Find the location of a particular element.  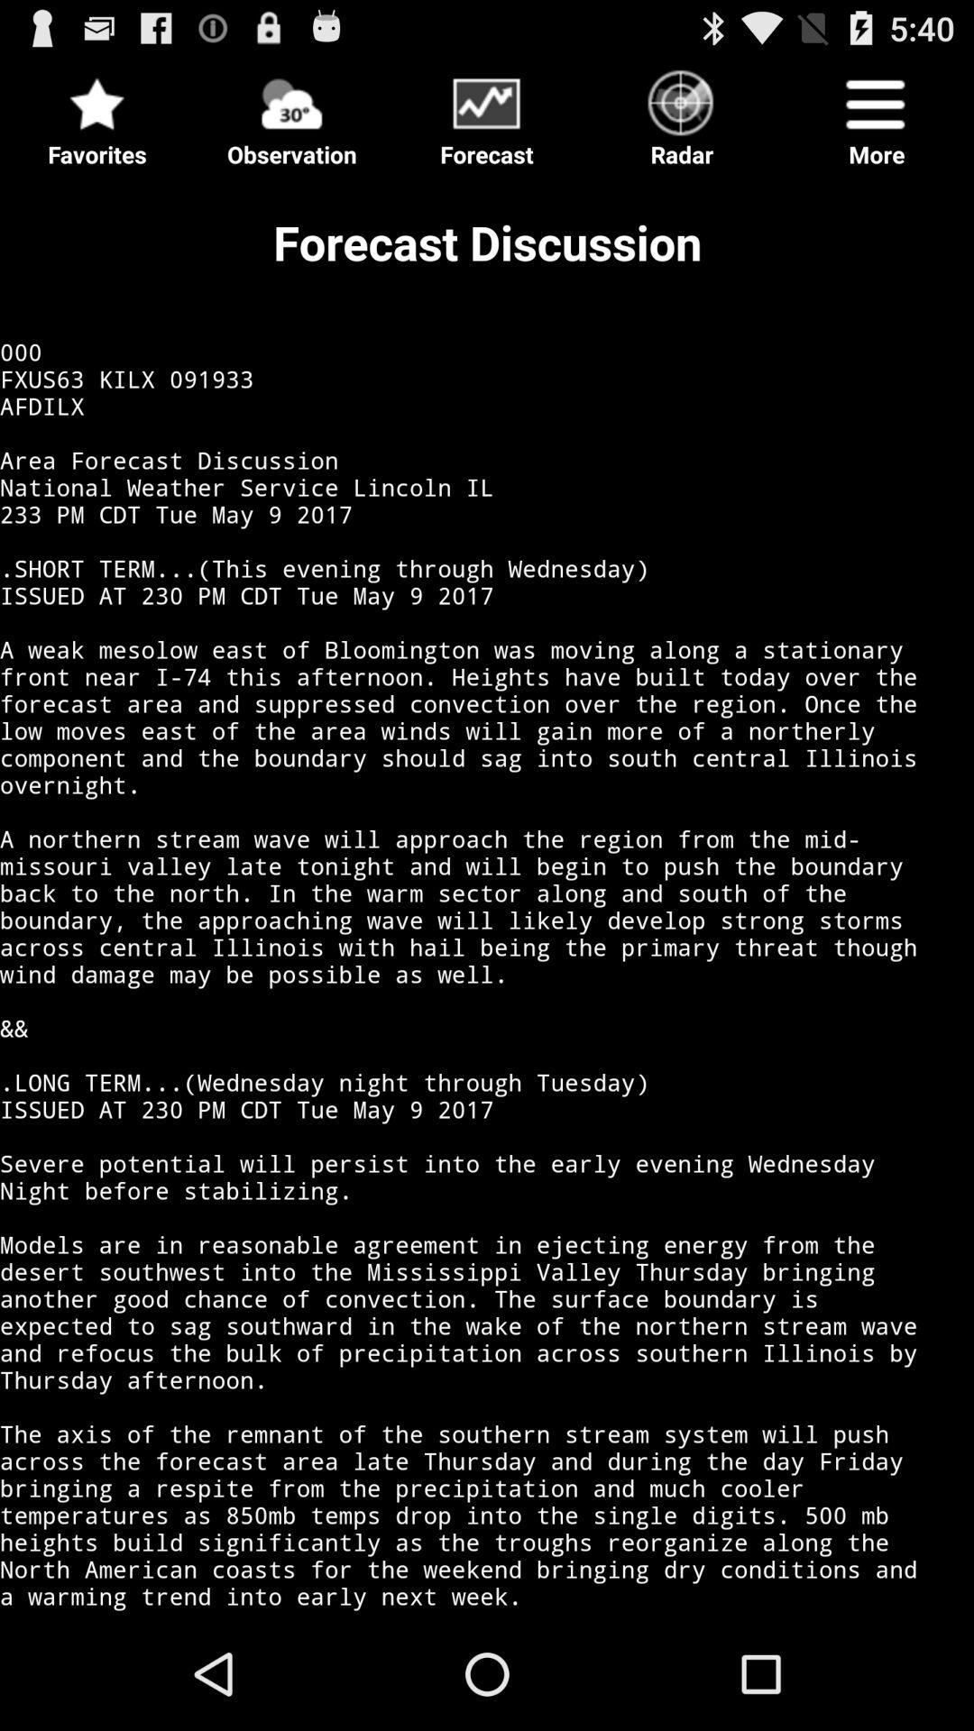

item next to the forecast icon is located at coordinates (291, 112).